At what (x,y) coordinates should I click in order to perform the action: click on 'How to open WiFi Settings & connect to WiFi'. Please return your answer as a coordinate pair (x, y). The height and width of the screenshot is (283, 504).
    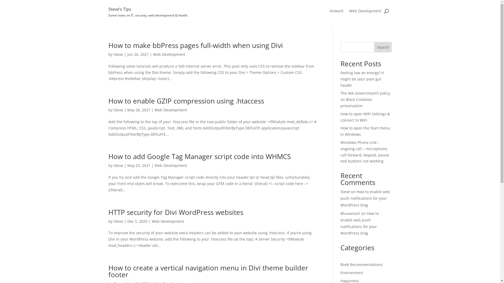
    Looking at the image, I should click on (365, 117).